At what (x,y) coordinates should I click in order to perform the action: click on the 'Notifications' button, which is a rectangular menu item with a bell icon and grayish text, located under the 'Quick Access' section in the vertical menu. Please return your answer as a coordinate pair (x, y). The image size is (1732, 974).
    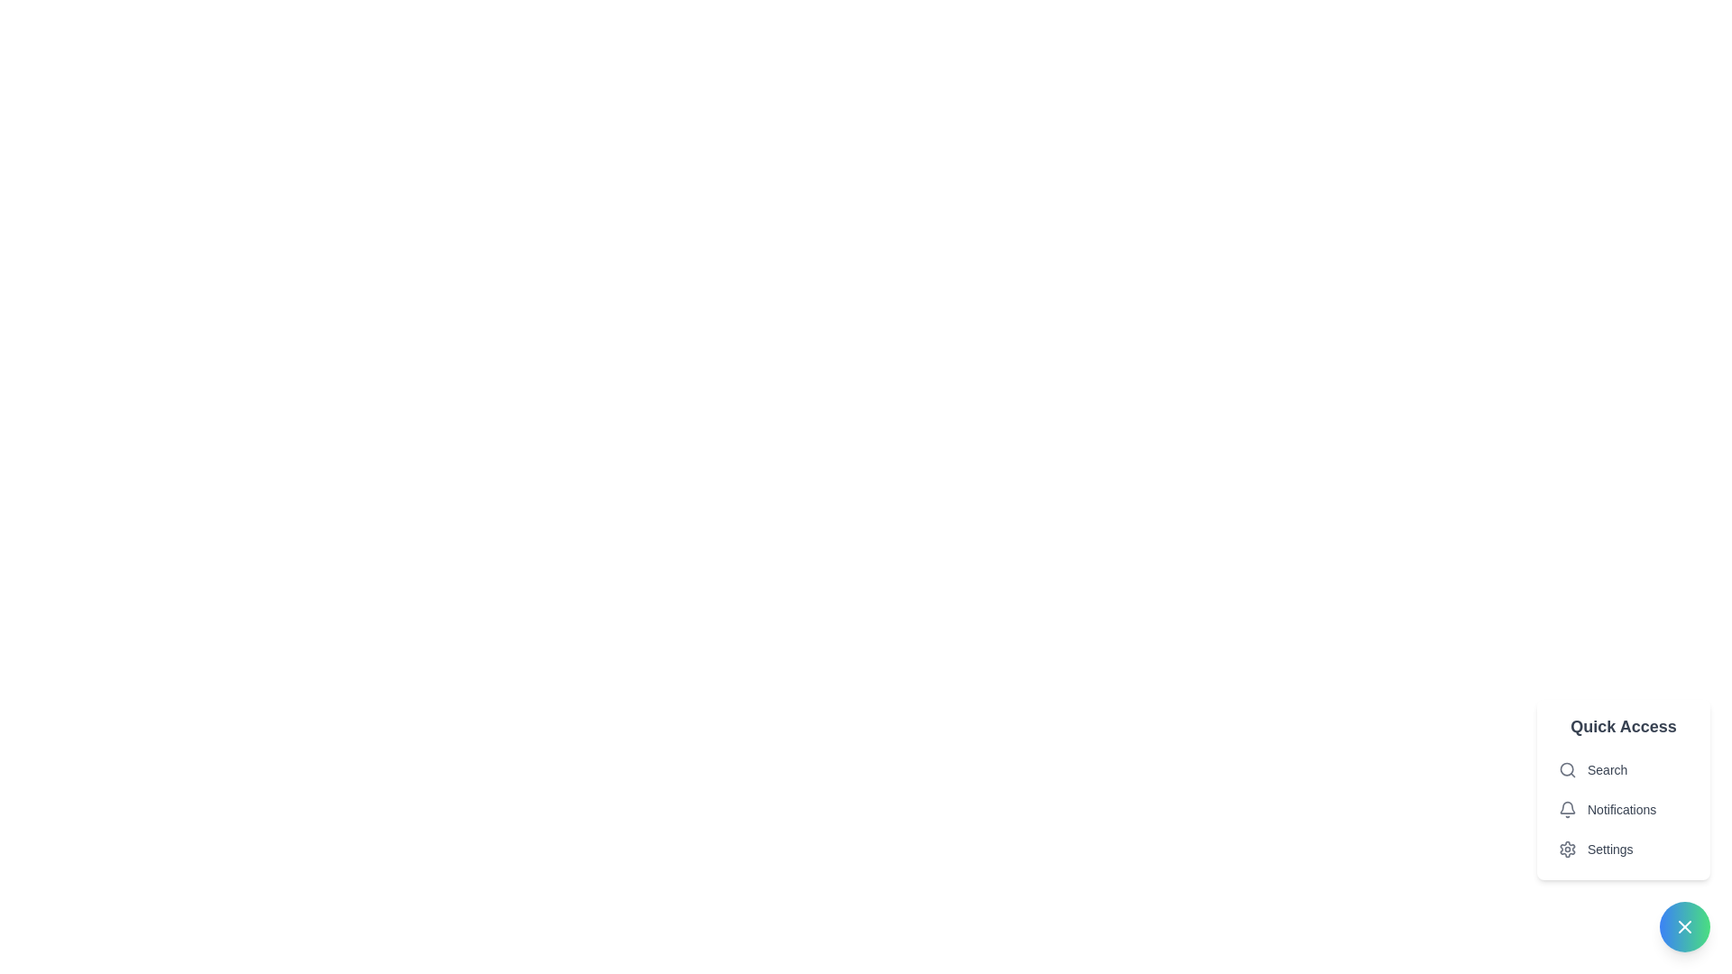
    Looking at the image, I should click on (1624, 809).